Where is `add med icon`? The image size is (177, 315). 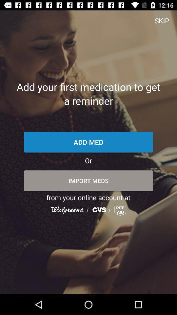
add med icon is located at coordinates (88, 142).